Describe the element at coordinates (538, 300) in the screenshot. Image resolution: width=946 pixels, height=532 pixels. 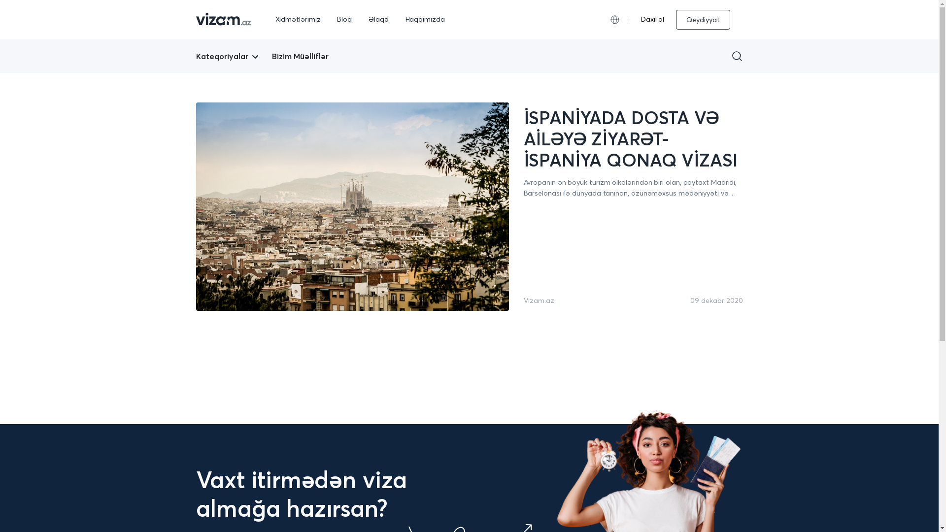
I see `'Vizam.az'` at that location.